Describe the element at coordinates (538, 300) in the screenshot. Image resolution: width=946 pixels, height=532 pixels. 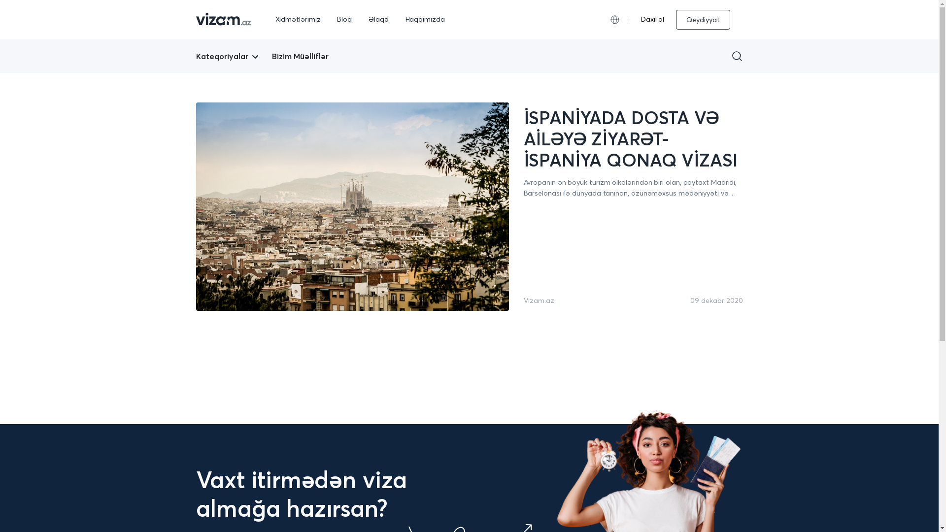
I see `'Vizam.az'` at that location.